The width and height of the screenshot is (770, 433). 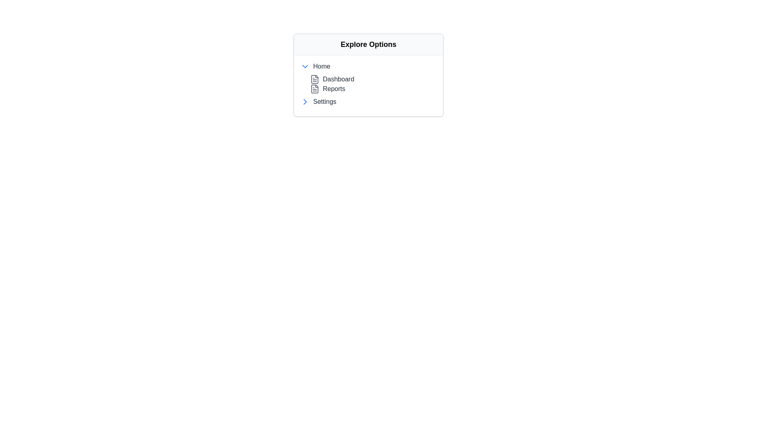 I want to click on the 'Settings' navigation list item, which is the fourth item in the vertical list under the panel labeled 'Explore Options', so click(x=368, y=101).